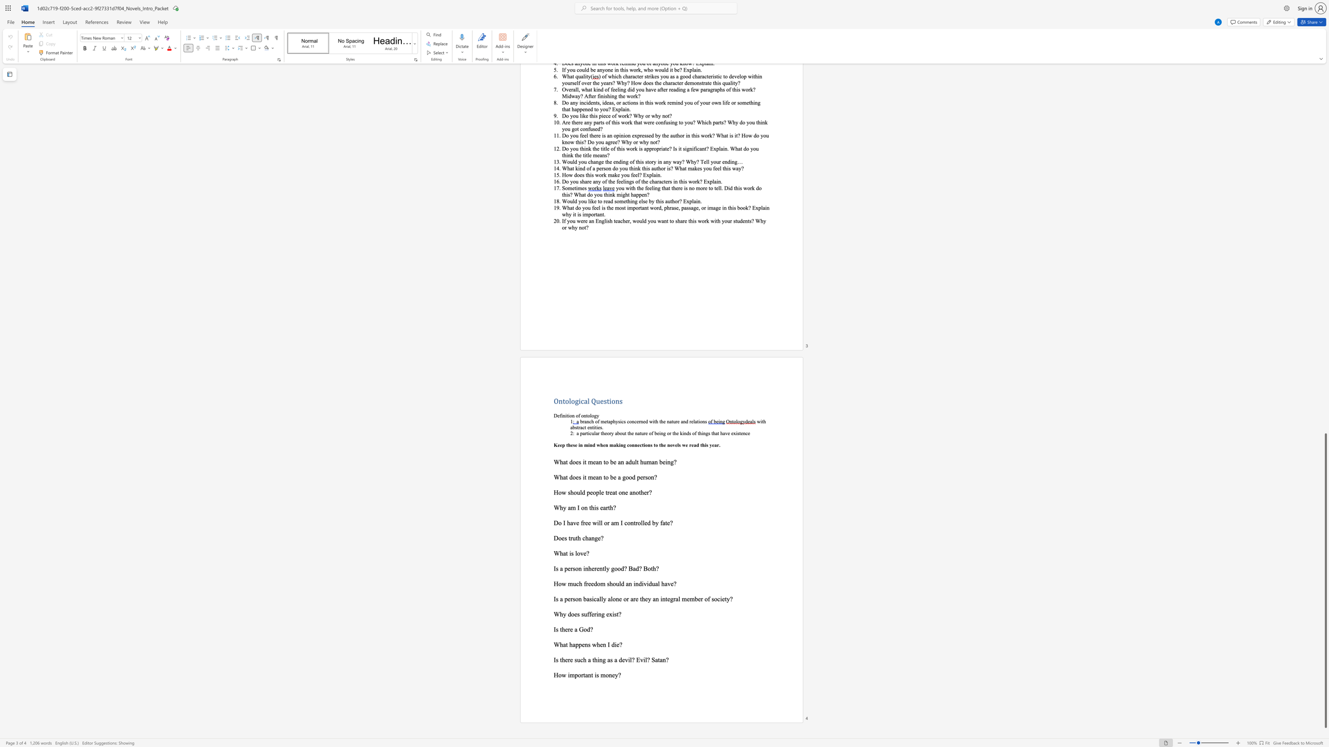  Describe the element at coordinates (579, 675) in the screenshot. I see `the 2th character "o" in the text` at that location.